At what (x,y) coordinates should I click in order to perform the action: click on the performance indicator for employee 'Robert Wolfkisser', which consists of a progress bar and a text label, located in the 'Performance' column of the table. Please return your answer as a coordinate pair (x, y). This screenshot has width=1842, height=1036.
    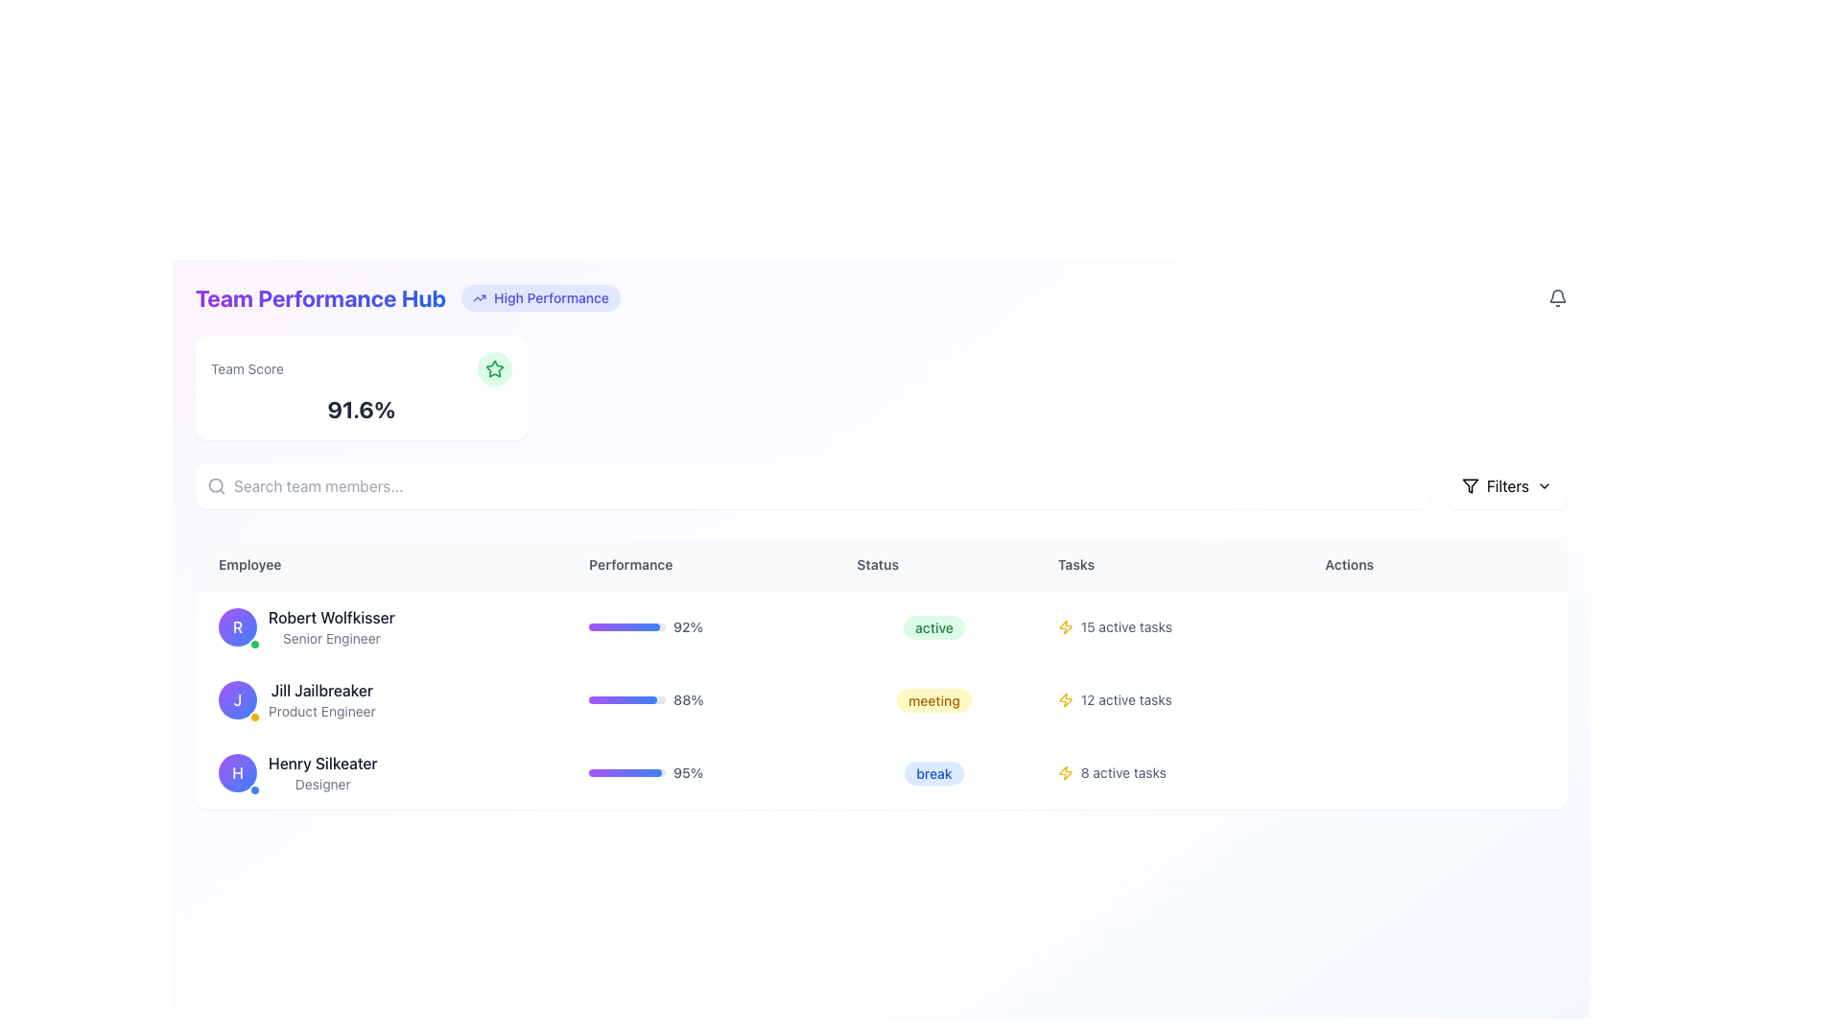
    Looking at the image, I should click on (698, 626).